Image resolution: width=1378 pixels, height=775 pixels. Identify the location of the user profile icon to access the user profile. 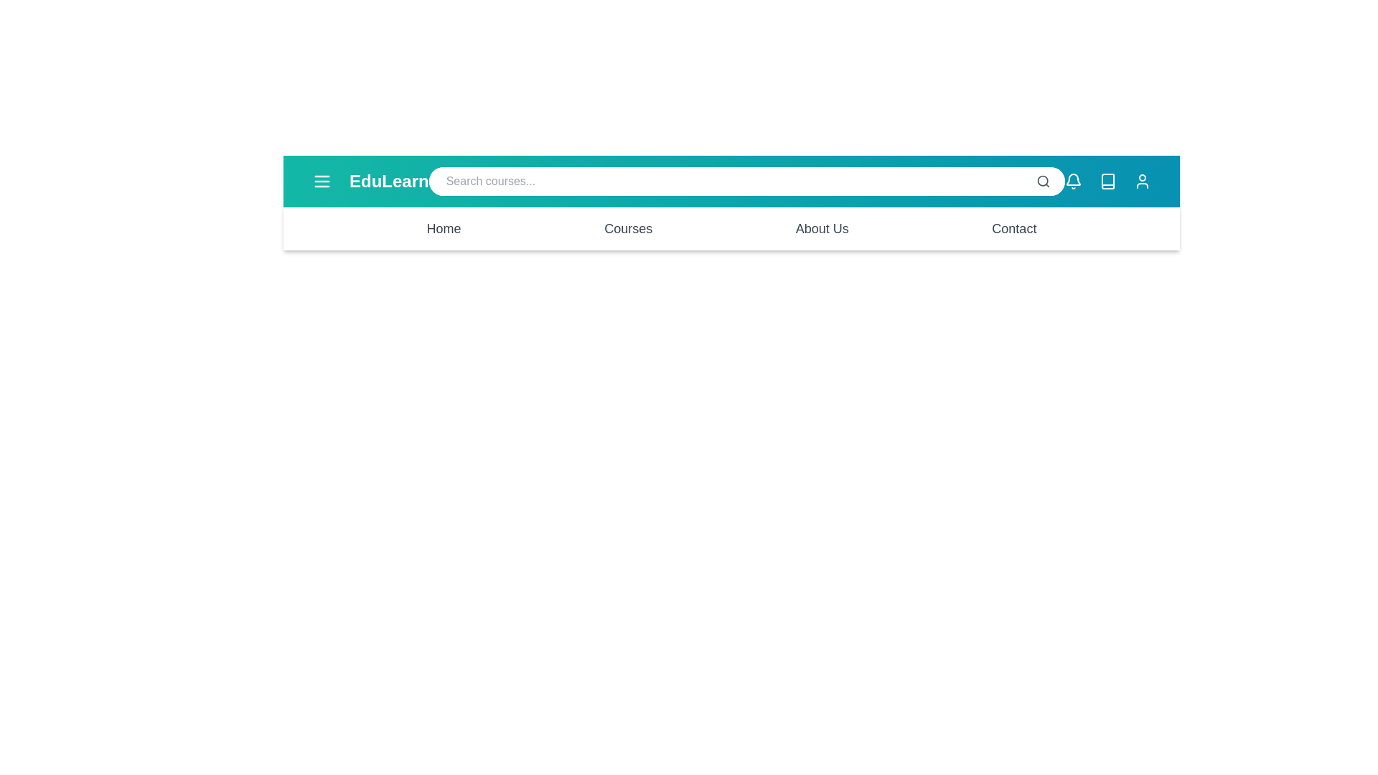
(1142, 181).